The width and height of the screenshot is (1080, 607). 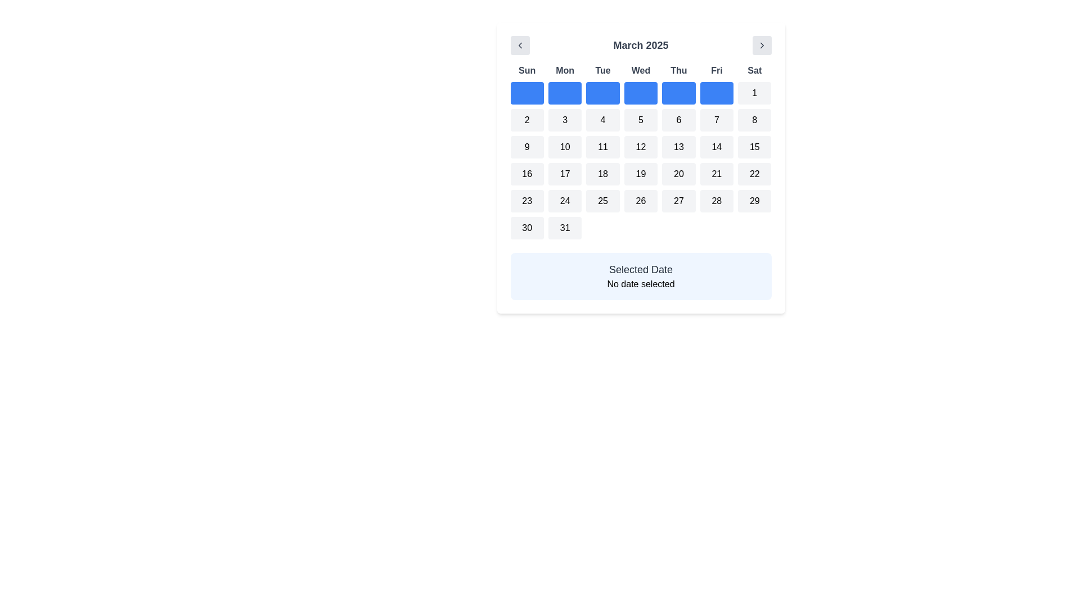 What do you see at coordinates (678, 71) in the screenshot?
I see `the Text label for Thursday in the days-of-week header of the calendar, which is the fifth element in the row of days` at bounding box center [678, 71].